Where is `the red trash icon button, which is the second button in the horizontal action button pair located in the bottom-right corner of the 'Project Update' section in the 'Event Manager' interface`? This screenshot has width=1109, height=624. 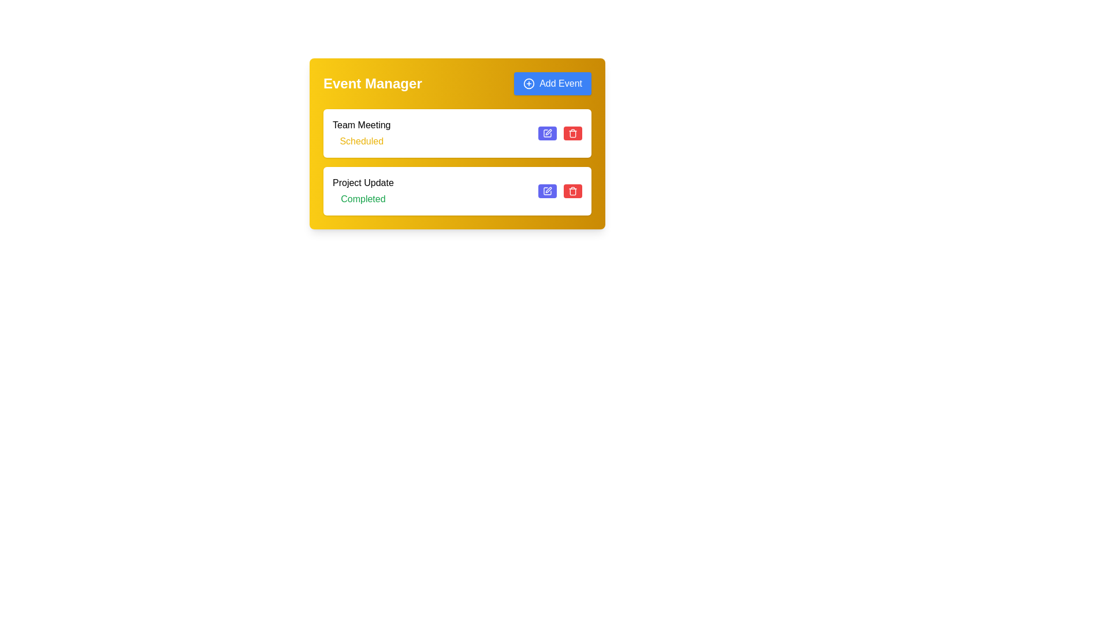
the red trash icon button, which is the second button in the horizontal action button pair located in the bottom-right corner of the 'Project Update' section in the 'Event Manager' interface is located at coordinates (560, 191).